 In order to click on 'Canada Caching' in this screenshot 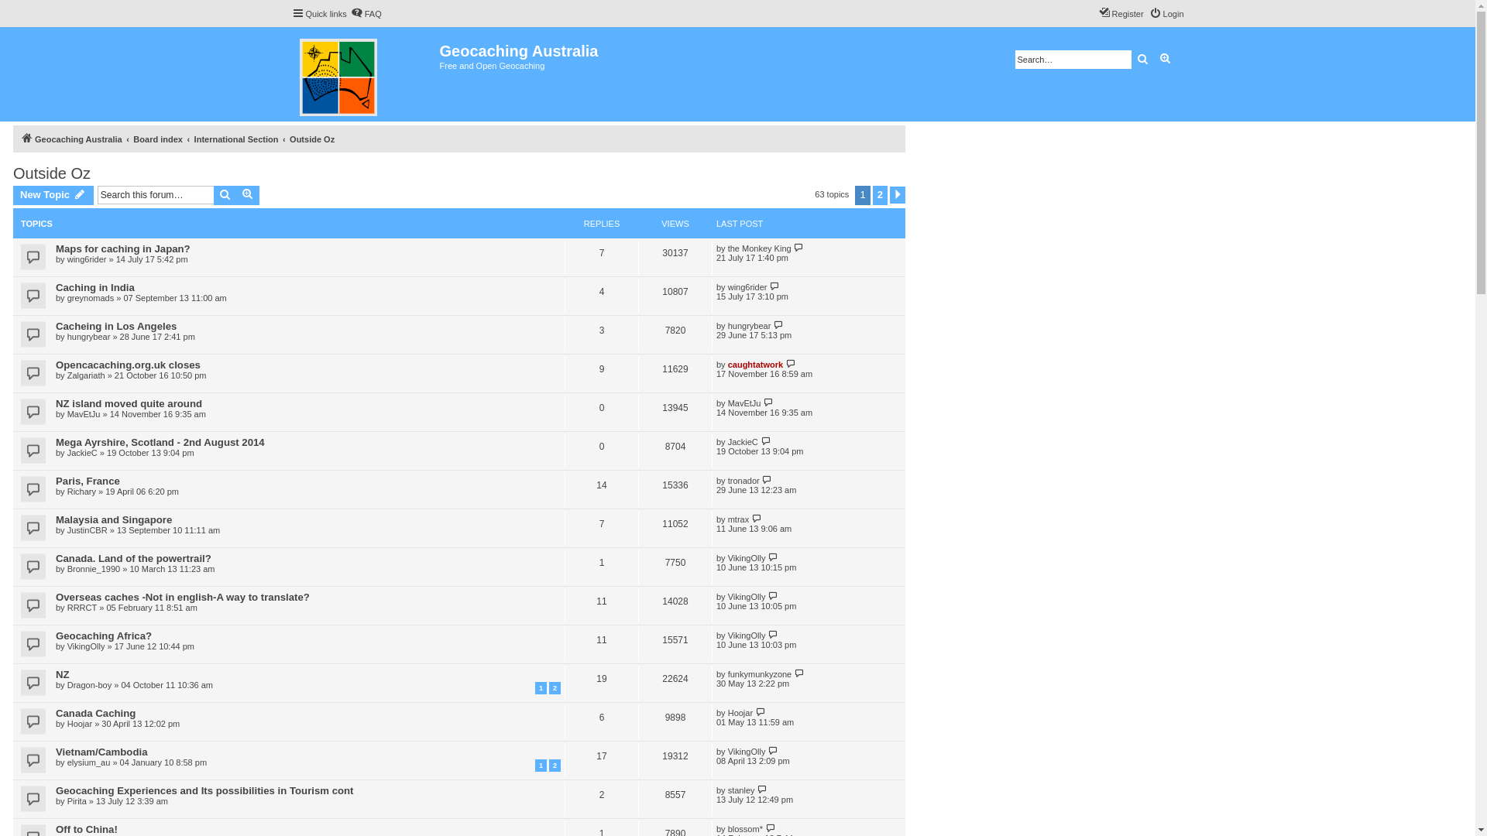, I will do `click(94, 713)`.